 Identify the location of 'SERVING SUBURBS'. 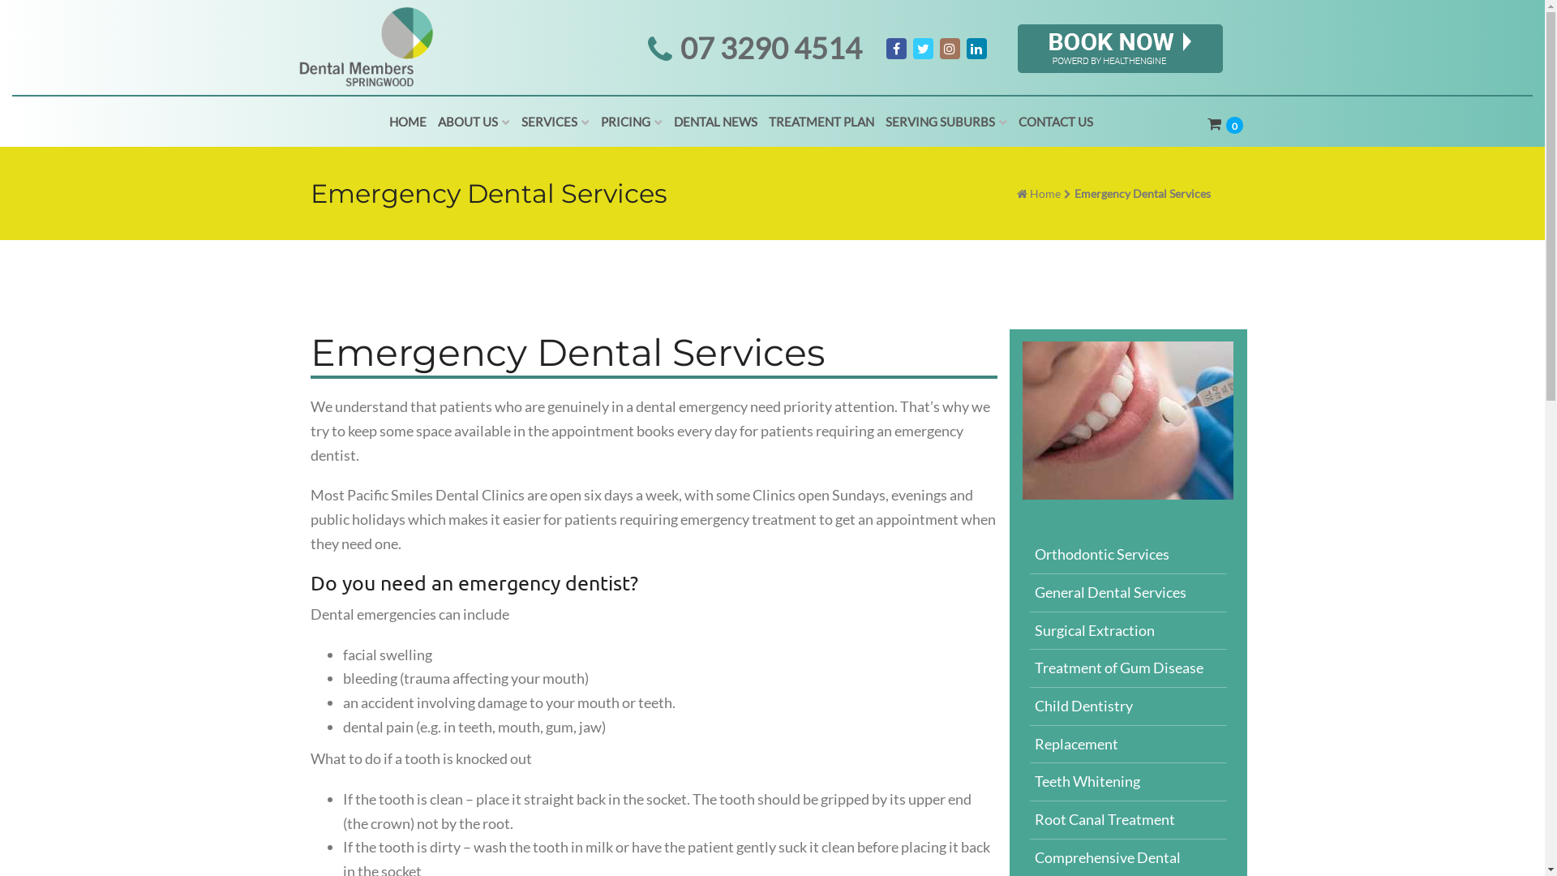
(946, 121).